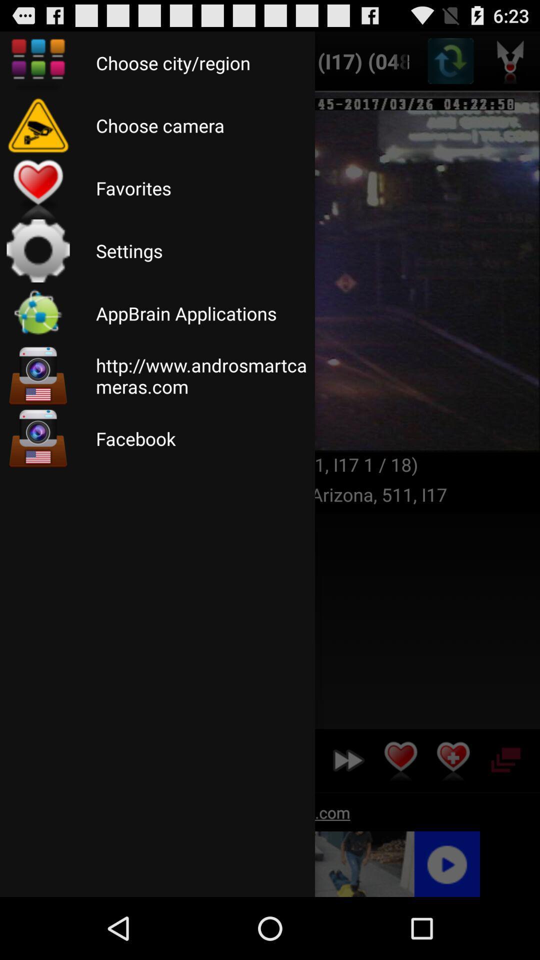 Image resolution: width=540 pixels, height=960 pixels. I want to click on the favorite icon, so click(400, 813).